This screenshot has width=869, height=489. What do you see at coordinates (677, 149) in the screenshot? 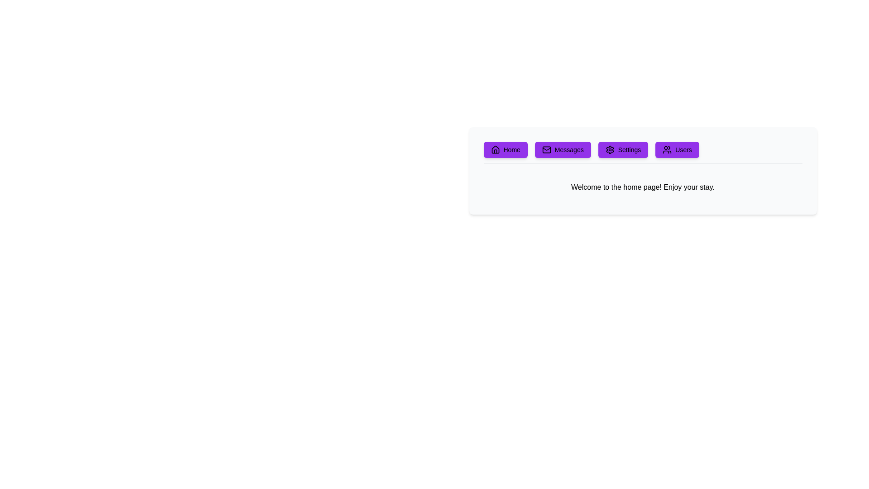
I see `the 'Users' button located in the horizontal menu bar` at bounding box center [677, 149].